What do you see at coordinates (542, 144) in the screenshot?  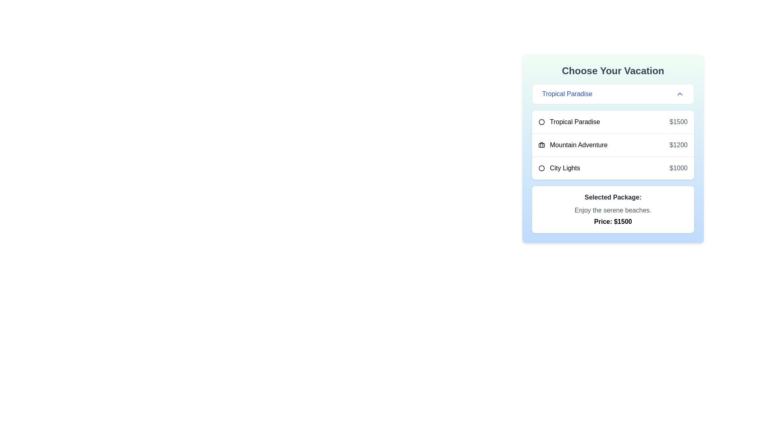 I see `the 'Mountain Adventure' option which is represented by a vertical line segment icon within an SVG, located in the second line of the options list` at bounding box center [542, 144].